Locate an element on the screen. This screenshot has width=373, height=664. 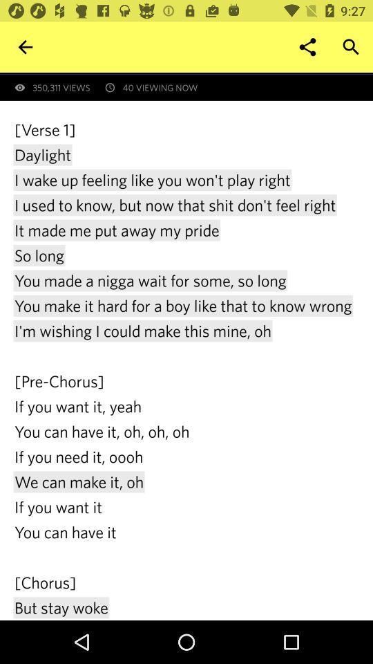
first revealed at is located at coordinates (193, 73).